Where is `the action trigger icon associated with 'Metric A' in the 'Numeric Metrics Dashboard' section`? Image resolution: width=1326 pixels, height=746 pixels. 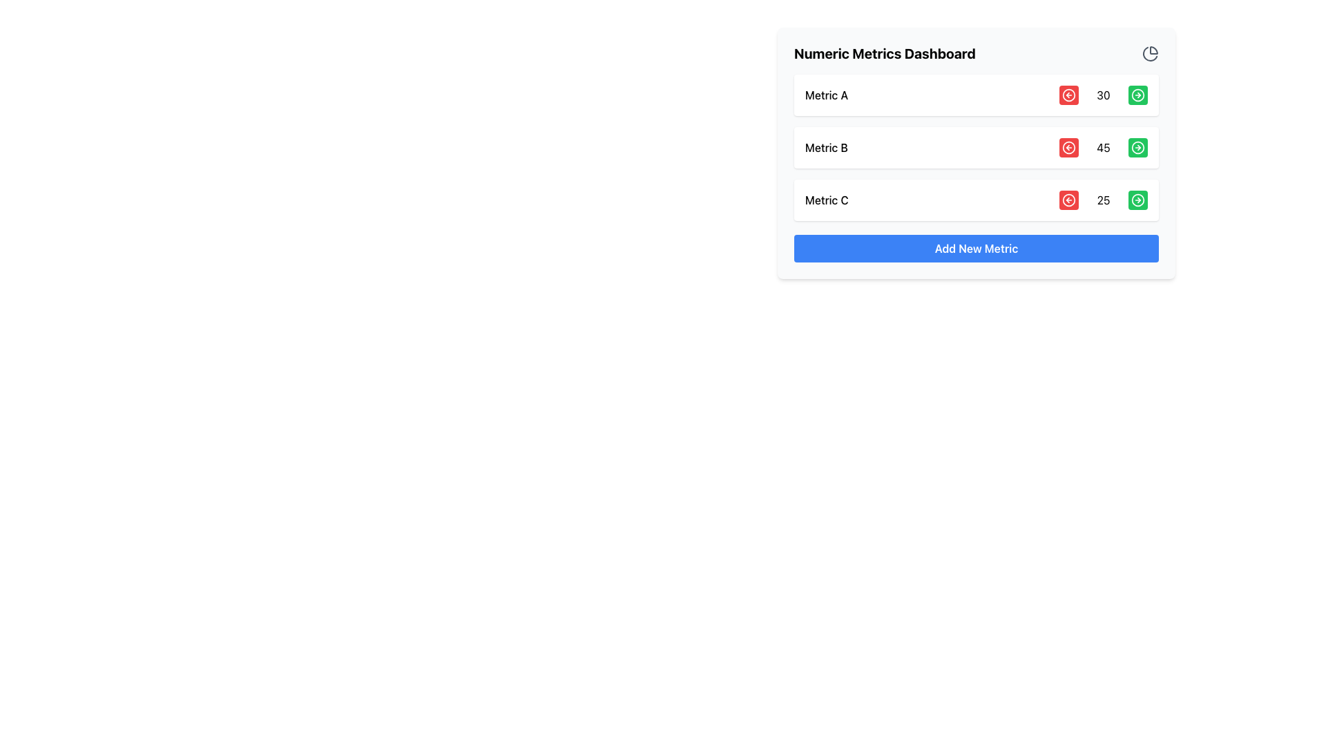
the action trigger icon associated with 'Metric A' in the 'Numeric Metrics Dashboard' section is located at coordinates (1137, 95).